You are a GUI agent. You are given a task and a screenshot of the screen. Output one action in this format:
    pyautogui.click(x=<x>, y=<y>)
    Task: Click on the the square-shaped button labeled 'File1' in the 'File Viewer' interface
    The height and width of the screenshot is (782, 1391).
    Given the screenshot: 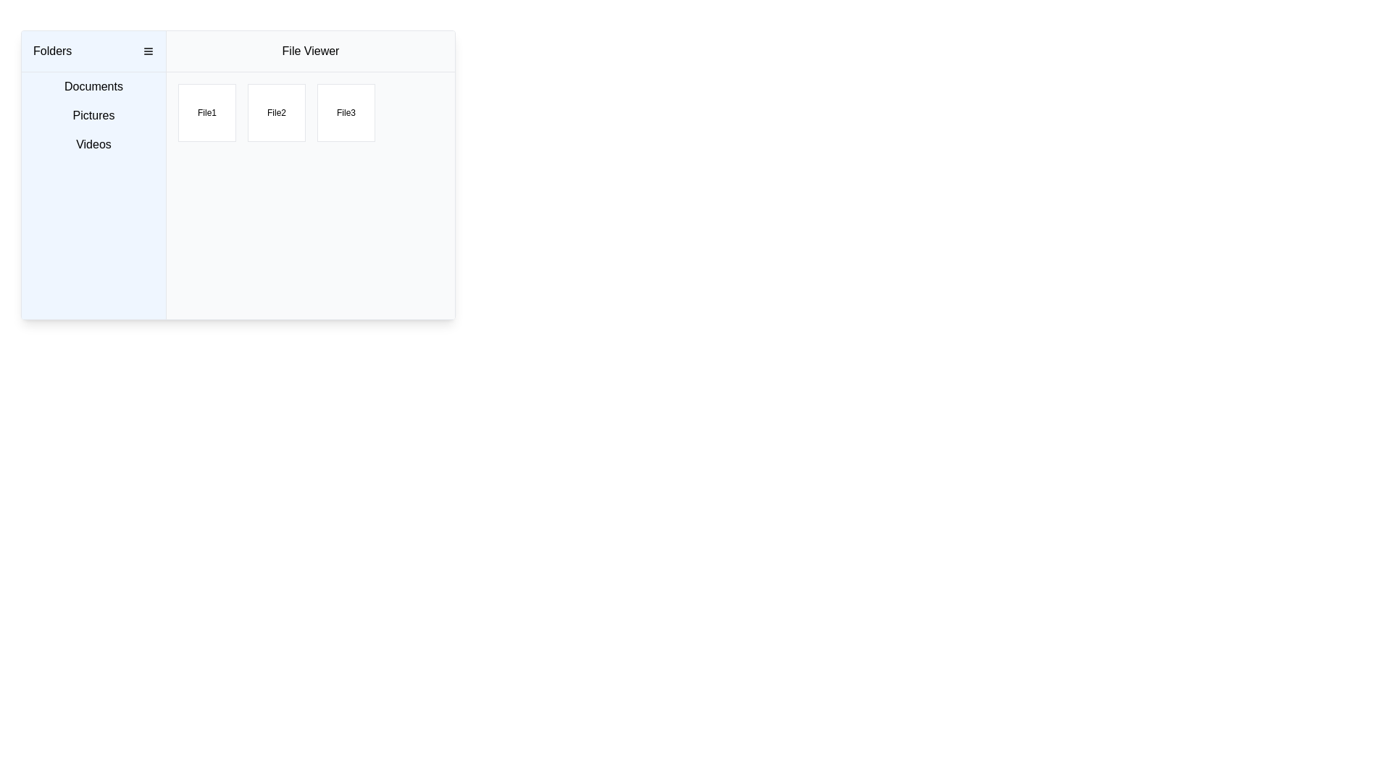 What is the action you would take?
    pyautogui.click(x=206, y=112)
    